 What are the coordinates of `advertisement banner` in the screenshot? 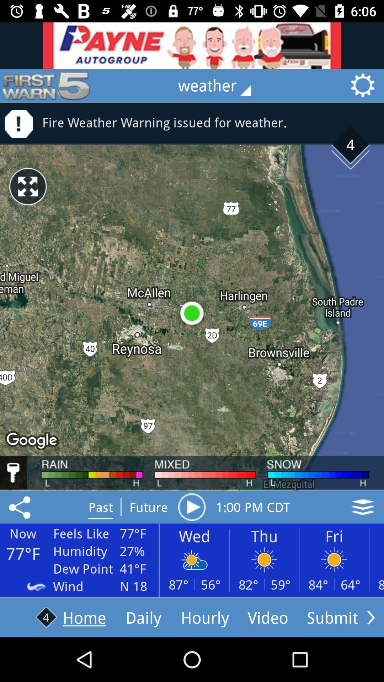 It's located at (192, 45).